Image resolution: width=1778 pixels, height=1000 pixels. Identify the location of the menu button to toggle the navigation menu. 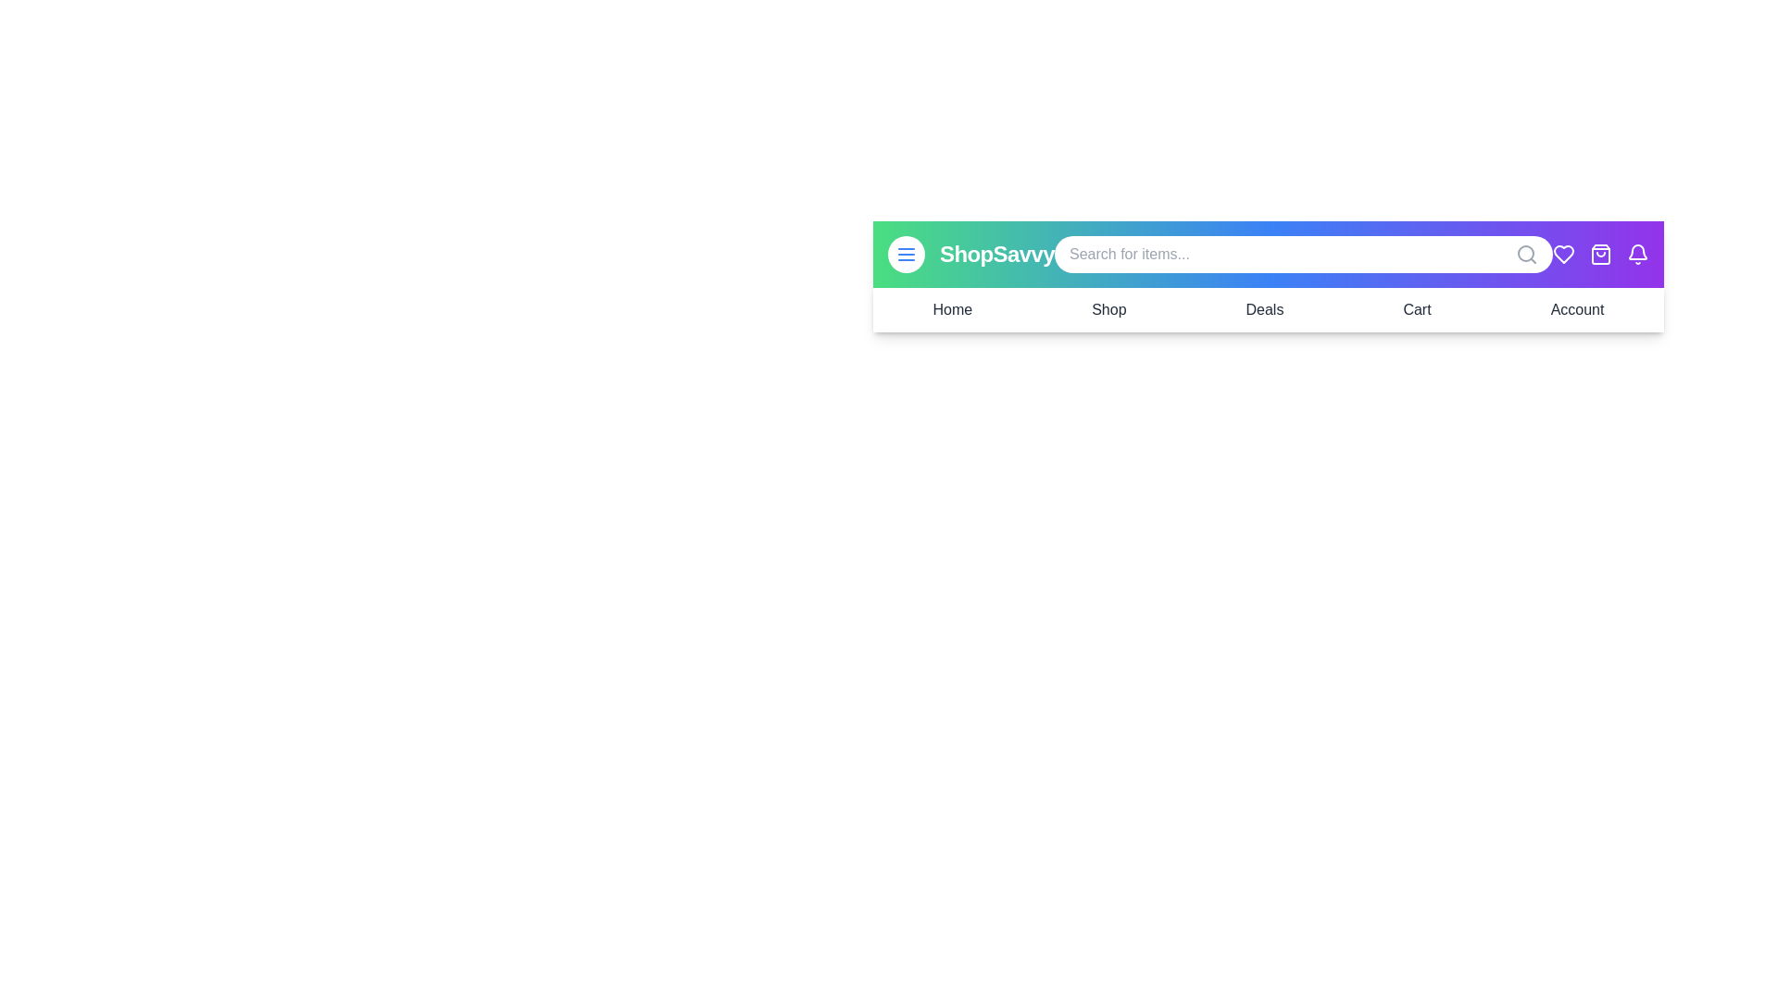
(907, 254).